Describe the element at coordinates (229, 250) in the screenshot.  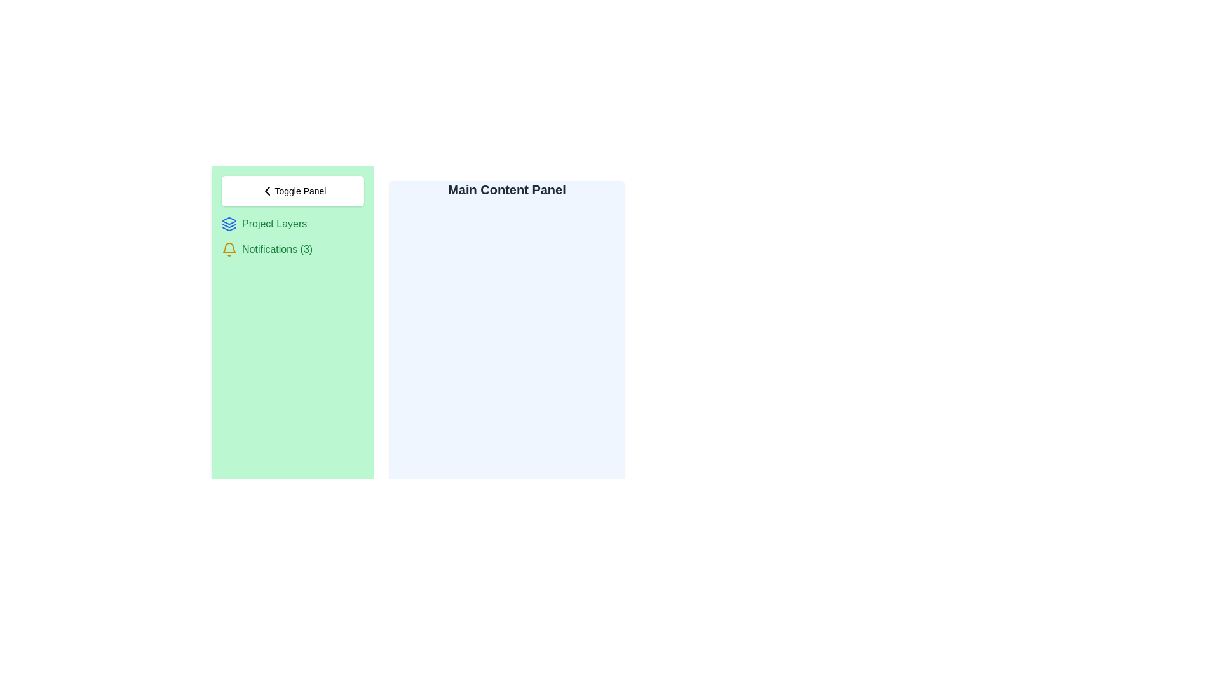
I see `the notifications icon which indicates new notifications or alerts for keyboard interaction` at that location.